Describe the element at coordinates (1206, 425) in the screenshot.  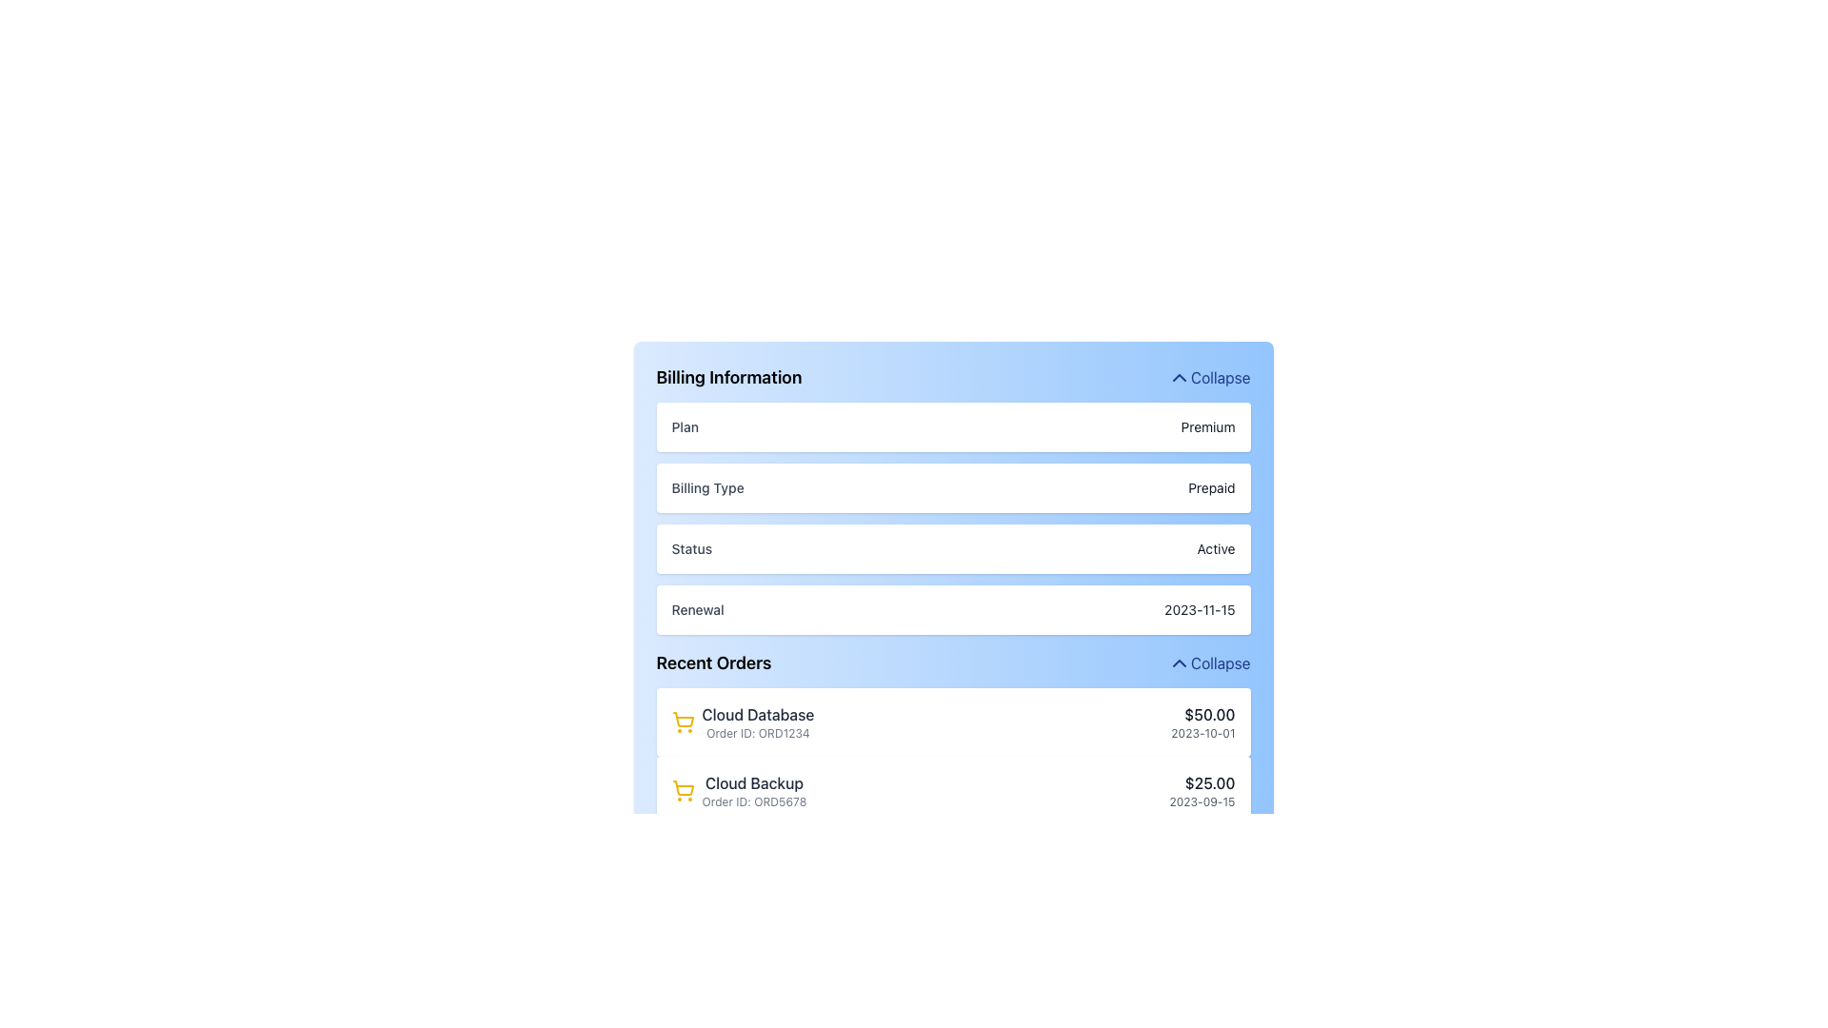
I see `the non-interactive text label indicating the type or tier of the plan, located in the 'Billing Information' section, aligned to the right of the 'Plan' label` at that location.